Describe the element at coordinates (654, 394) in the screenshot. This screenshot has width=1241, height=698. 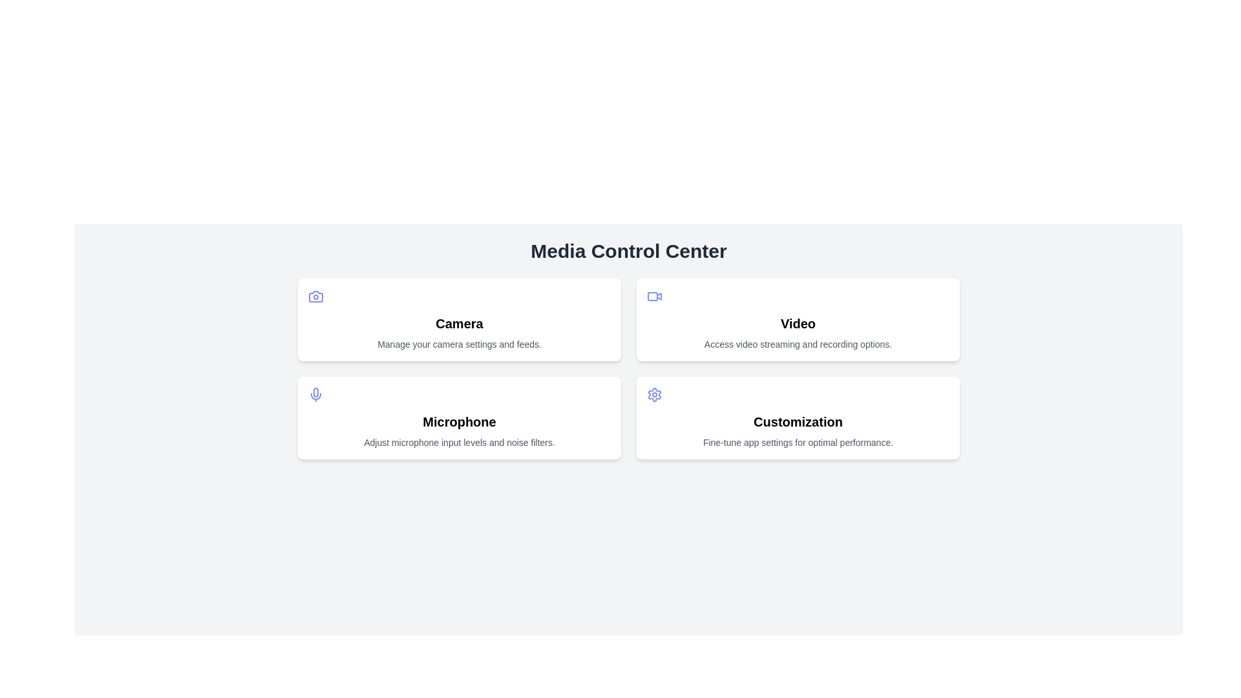
I see `the gear icon located in the top-right corner of the 'Customization' card` at that location.